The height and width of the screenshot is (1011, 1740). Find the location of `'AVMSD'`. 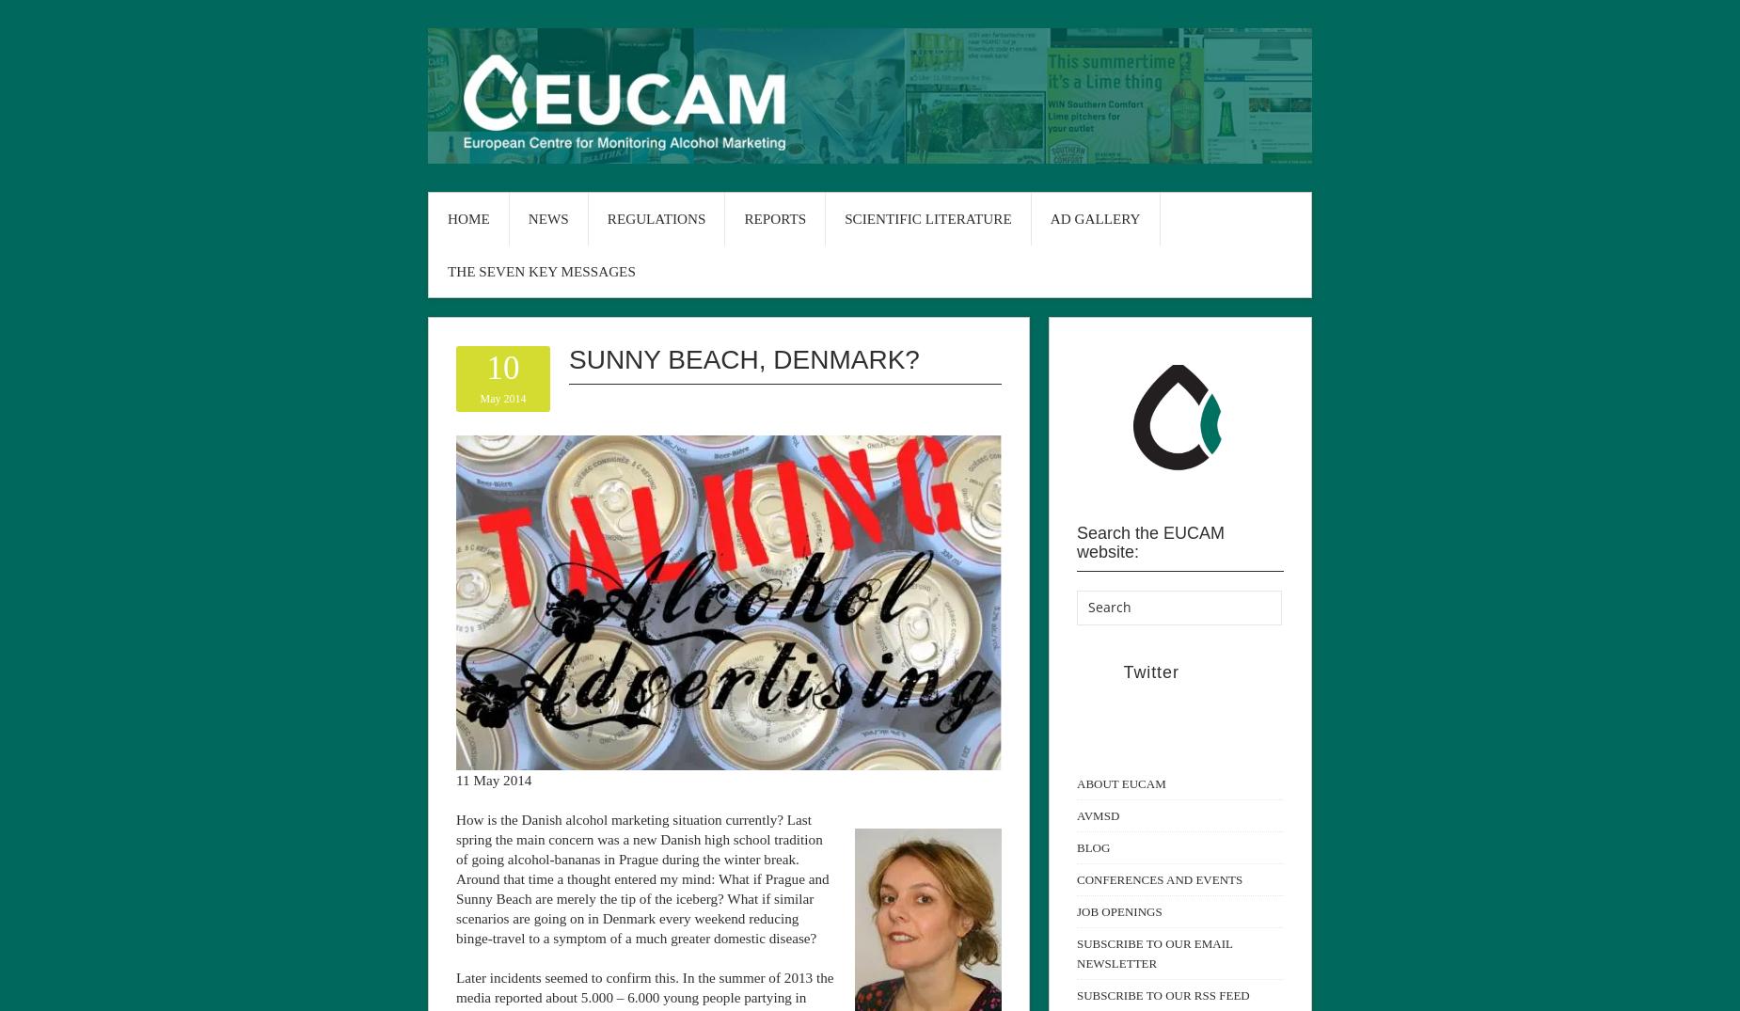

'AVMSD' is located at coordinates (1075, 814).